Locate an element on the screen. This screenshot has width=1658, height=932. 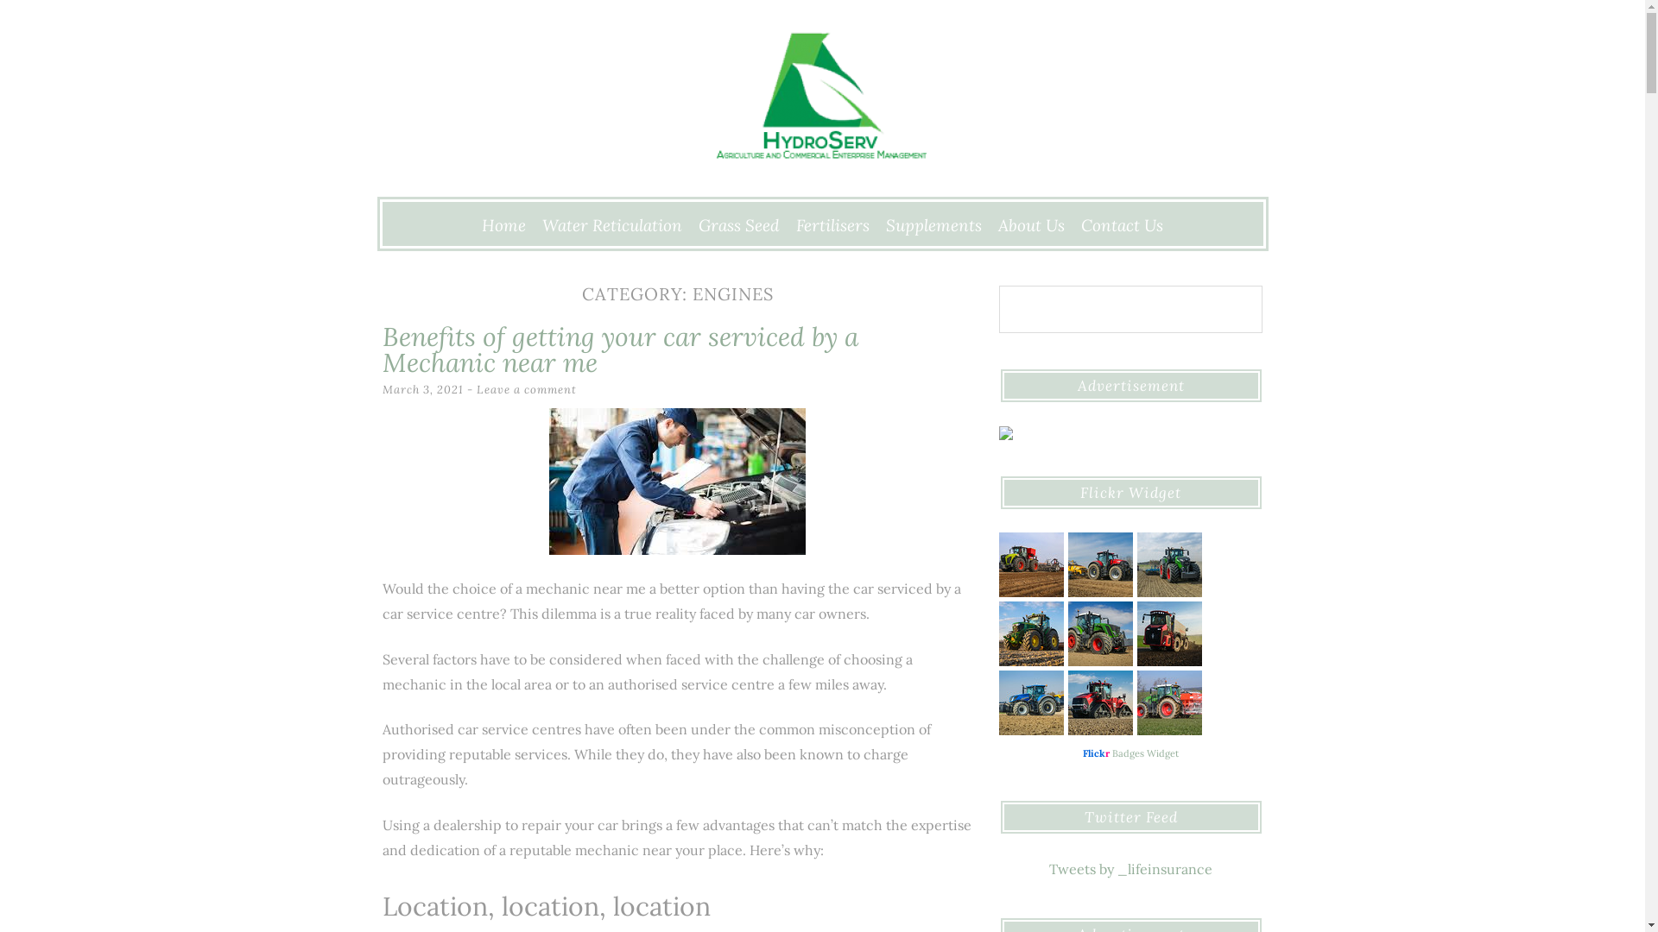
'Tweets by _lifeinsurance' is located at coordinates (1130, 868).